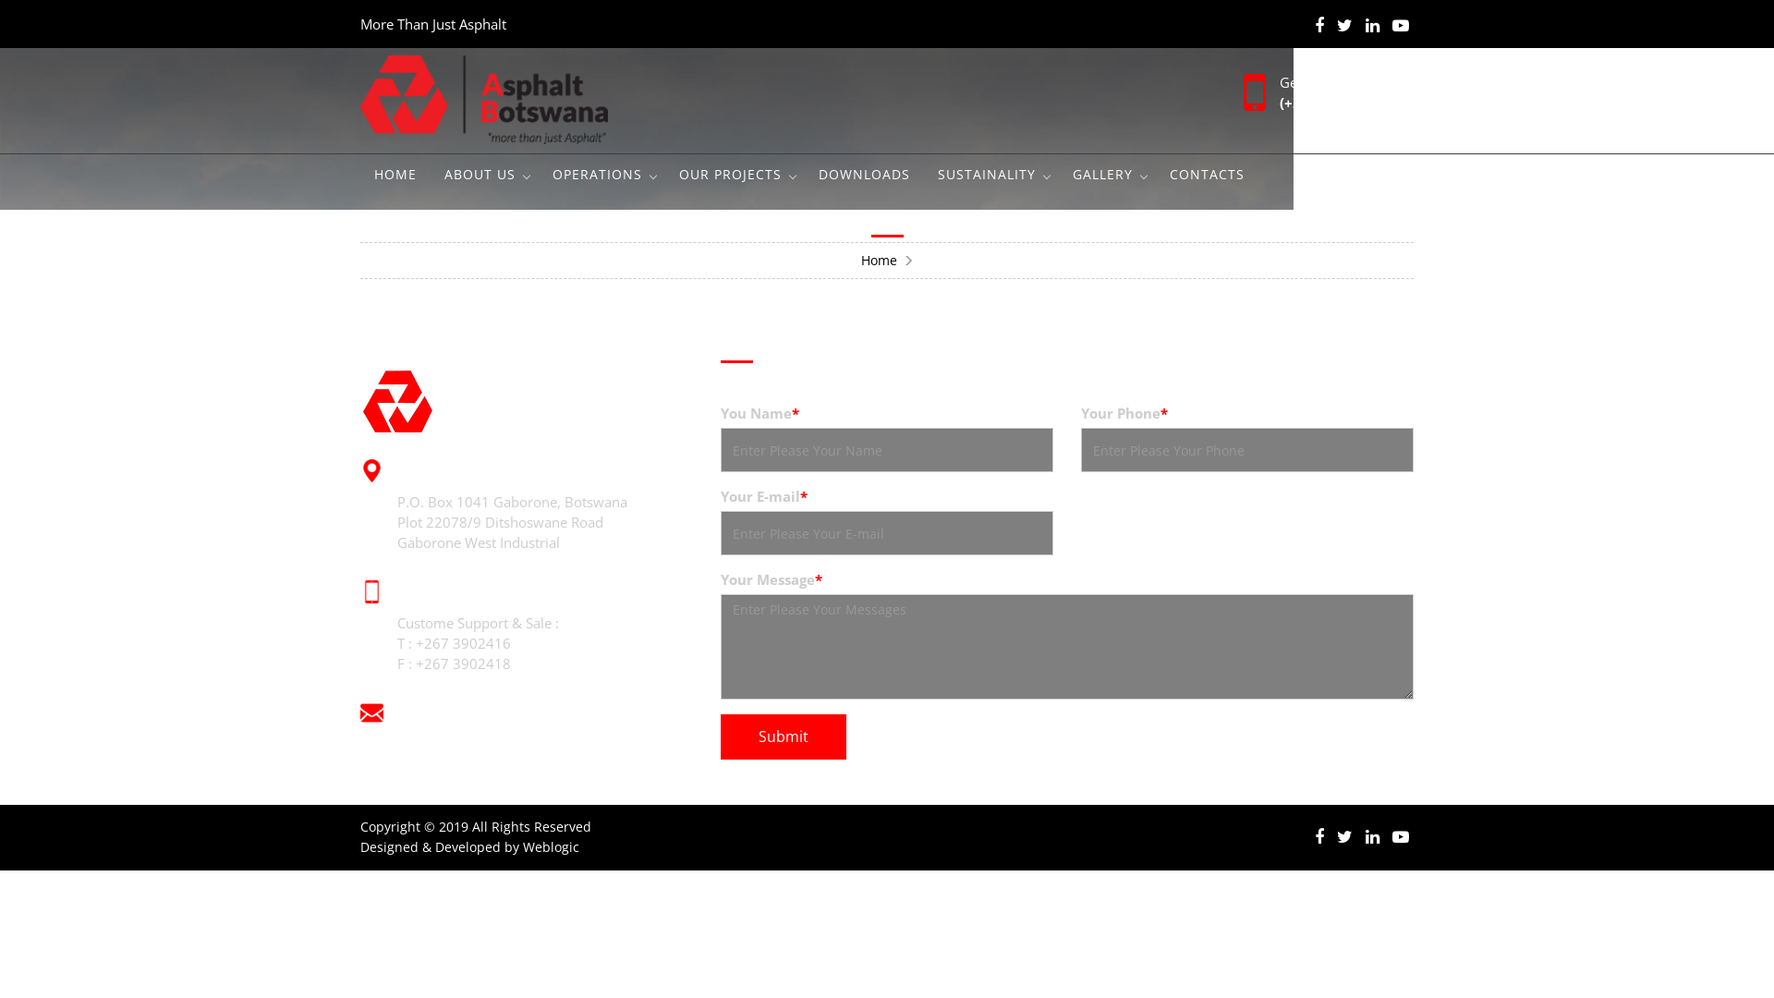  I want to click on 'OPERATIONS', so click(601, 175).